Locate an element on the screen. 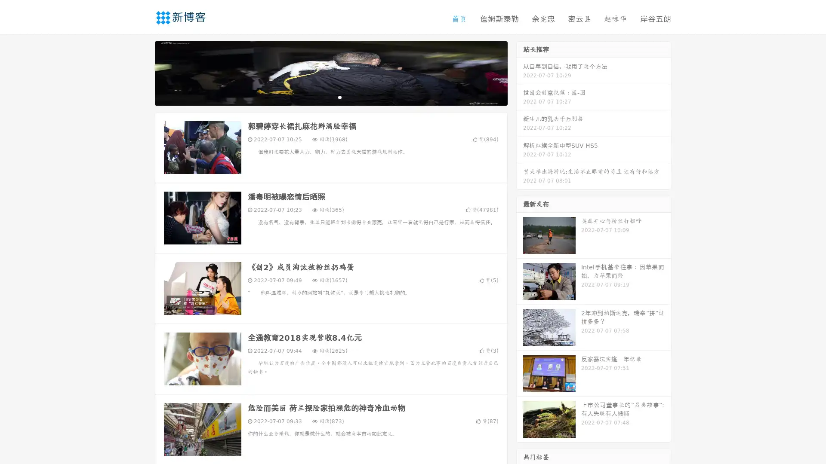 This screenshot has height=464, width=826. Go to slide 1 is located at coordinates (322, 97).